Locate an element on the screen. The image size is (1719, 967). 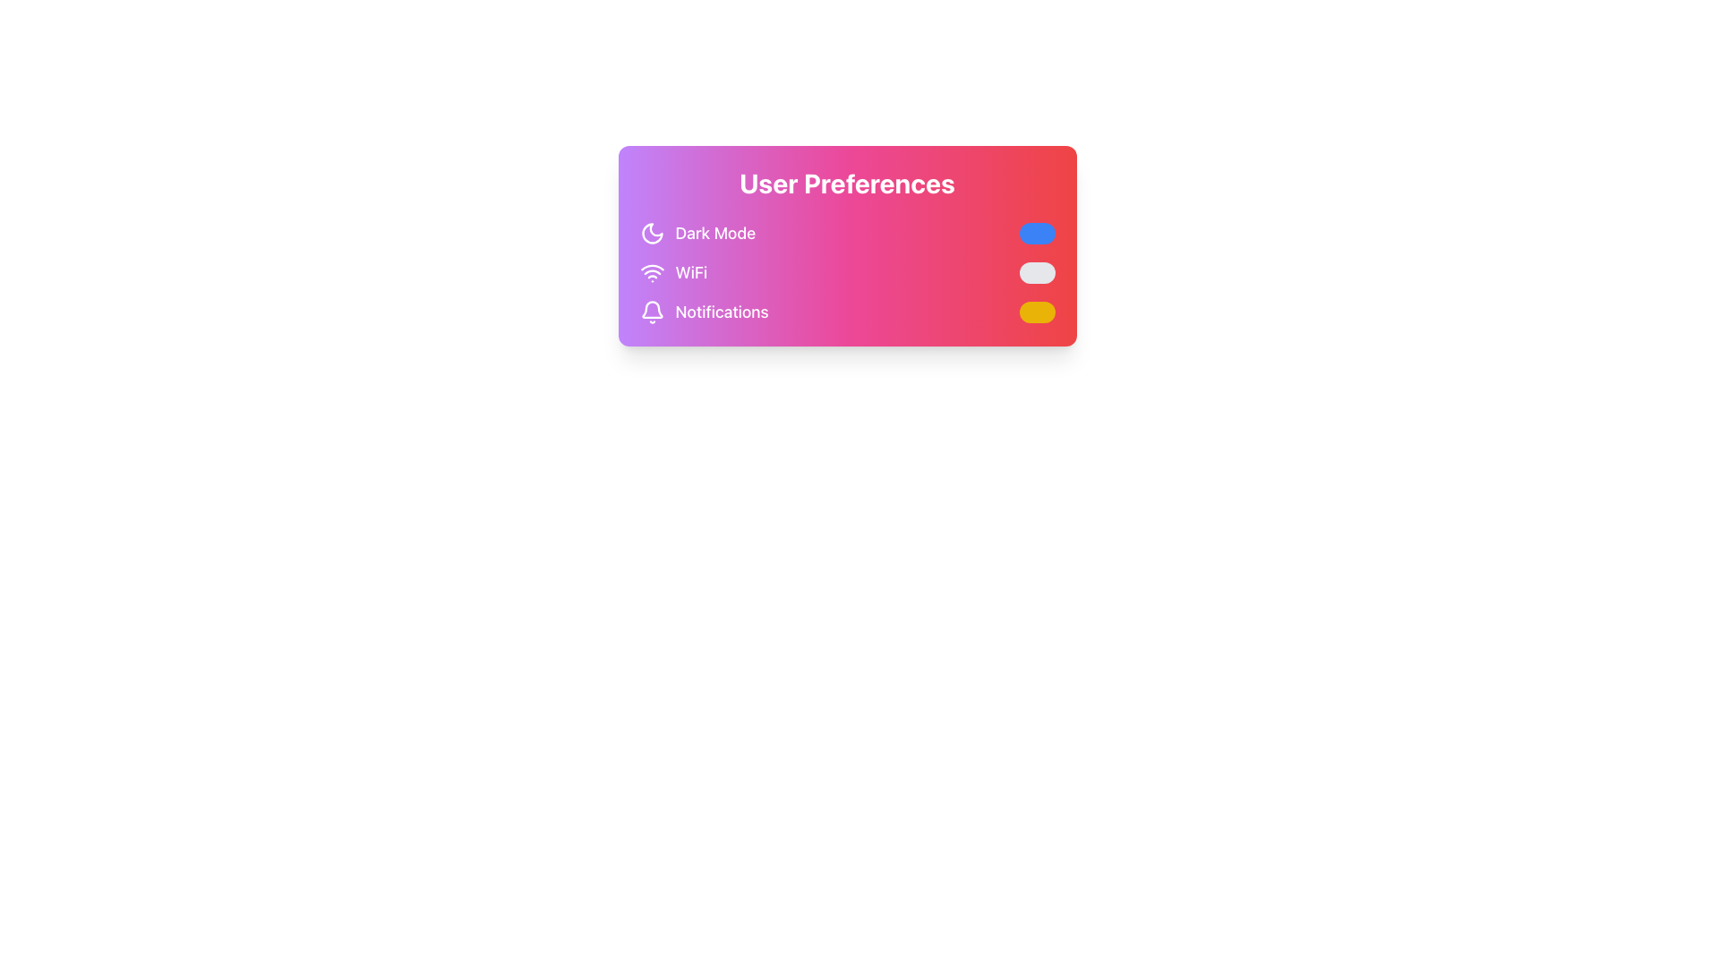
the 'WiFi' text label element, which is styled in a large font and is located within the User Preferences menu, positioned below 'Dark Mode' and above 'Notifications' is located at coordinates (690, 272).